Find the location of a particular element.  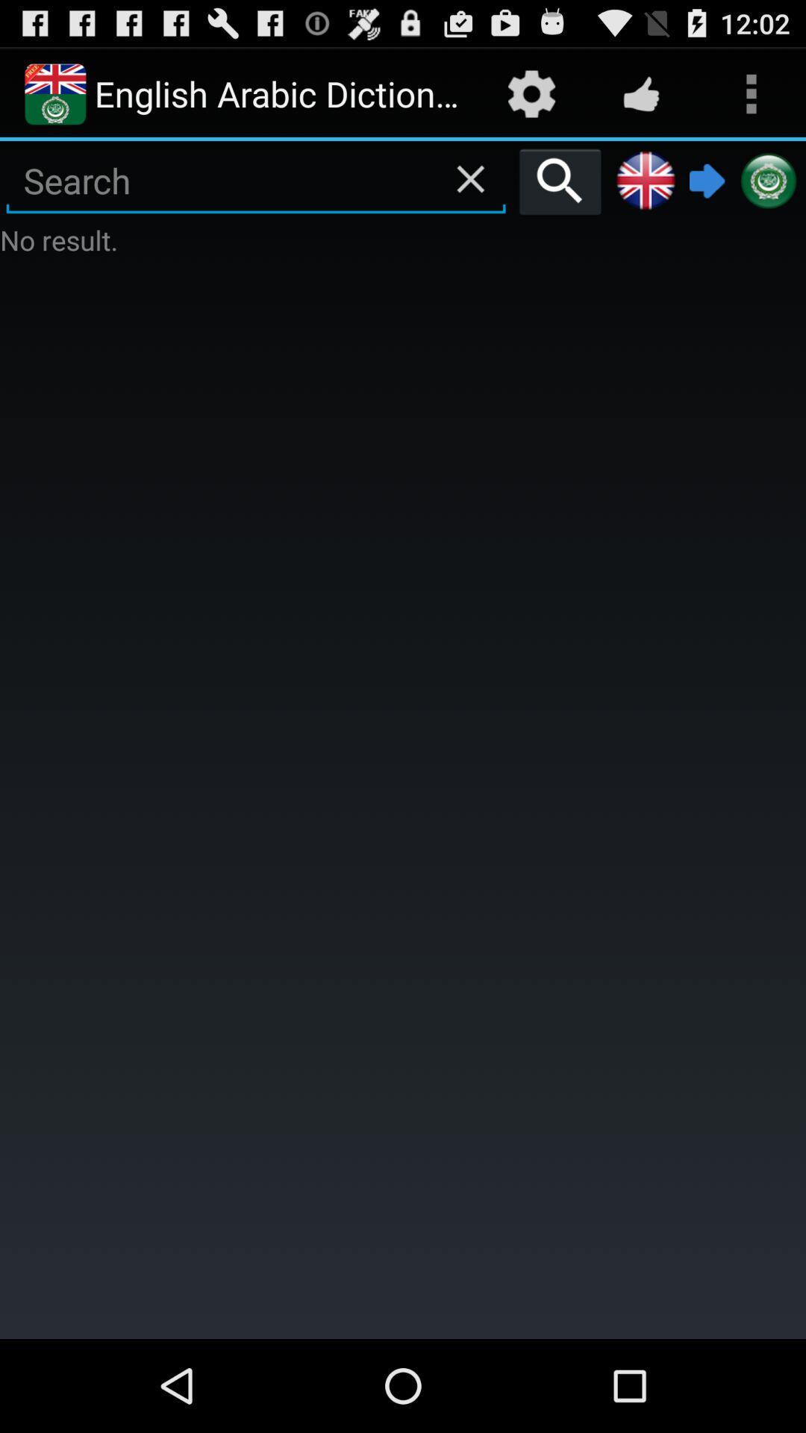

the search icon is located at coordinates (560, 193).